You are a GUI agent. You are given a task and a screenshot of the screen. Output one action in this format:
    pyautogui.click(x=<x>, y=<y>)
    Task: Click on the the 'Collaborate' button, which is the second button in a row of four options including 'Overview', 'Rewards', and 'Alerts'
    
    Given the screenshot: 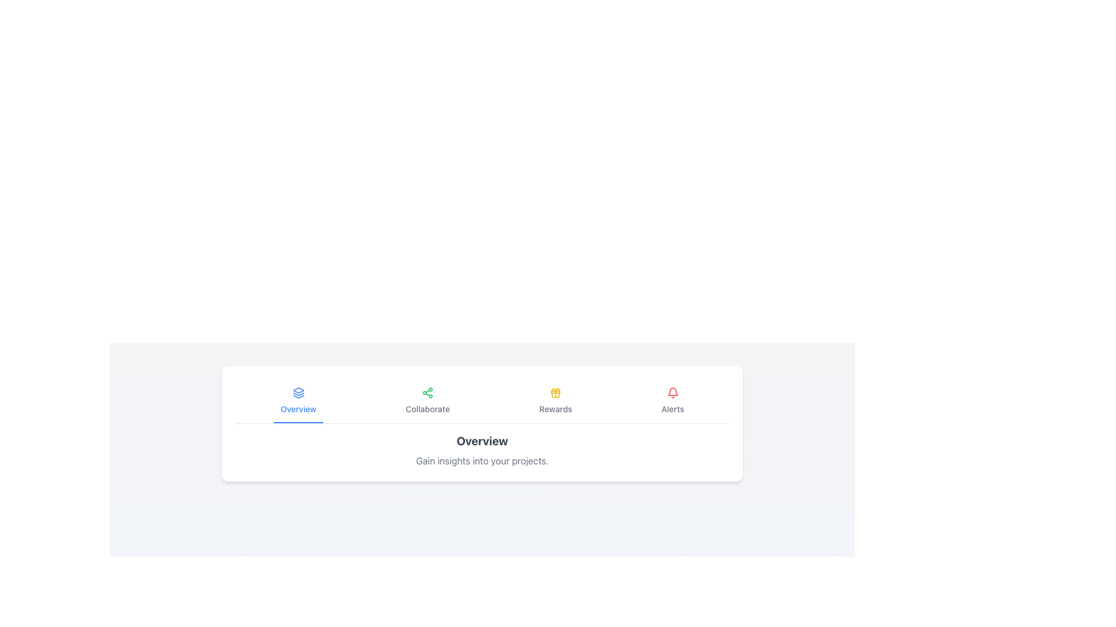 What is the action you would take?
    pyautogui.click(x=427, y=401)
    